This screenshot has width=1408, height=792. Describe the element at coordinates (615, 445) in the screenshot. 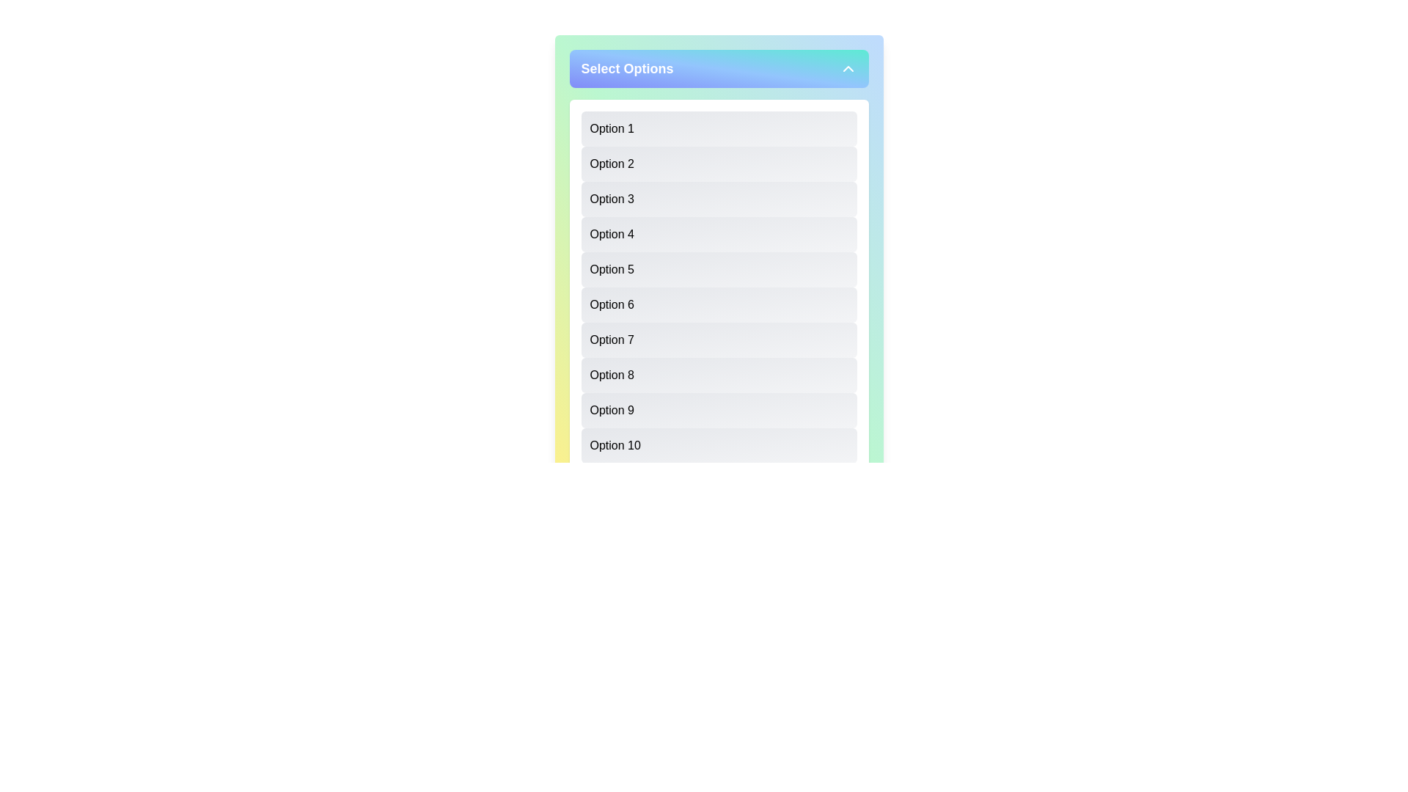

I see `the 10th item in the vertical selectable list` at that location.